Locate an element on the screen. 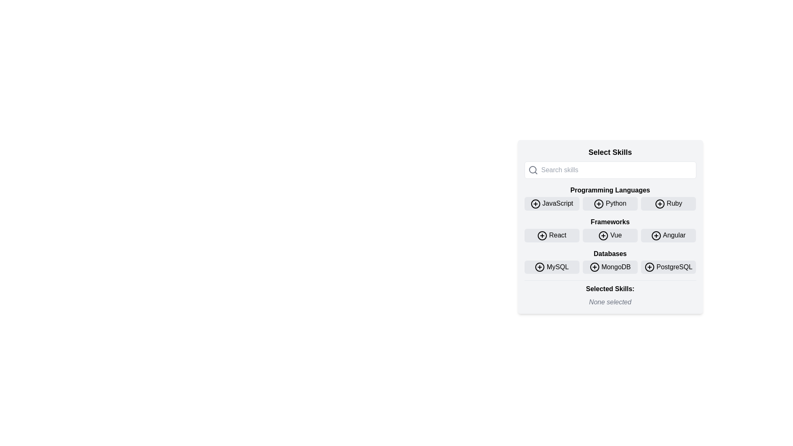 The height and width of the screenshot is (446, 793). the circular graphic within the 'Vue' skill icon located in the 'Frameworks' section of the interface is located at coordinates (603, 235).